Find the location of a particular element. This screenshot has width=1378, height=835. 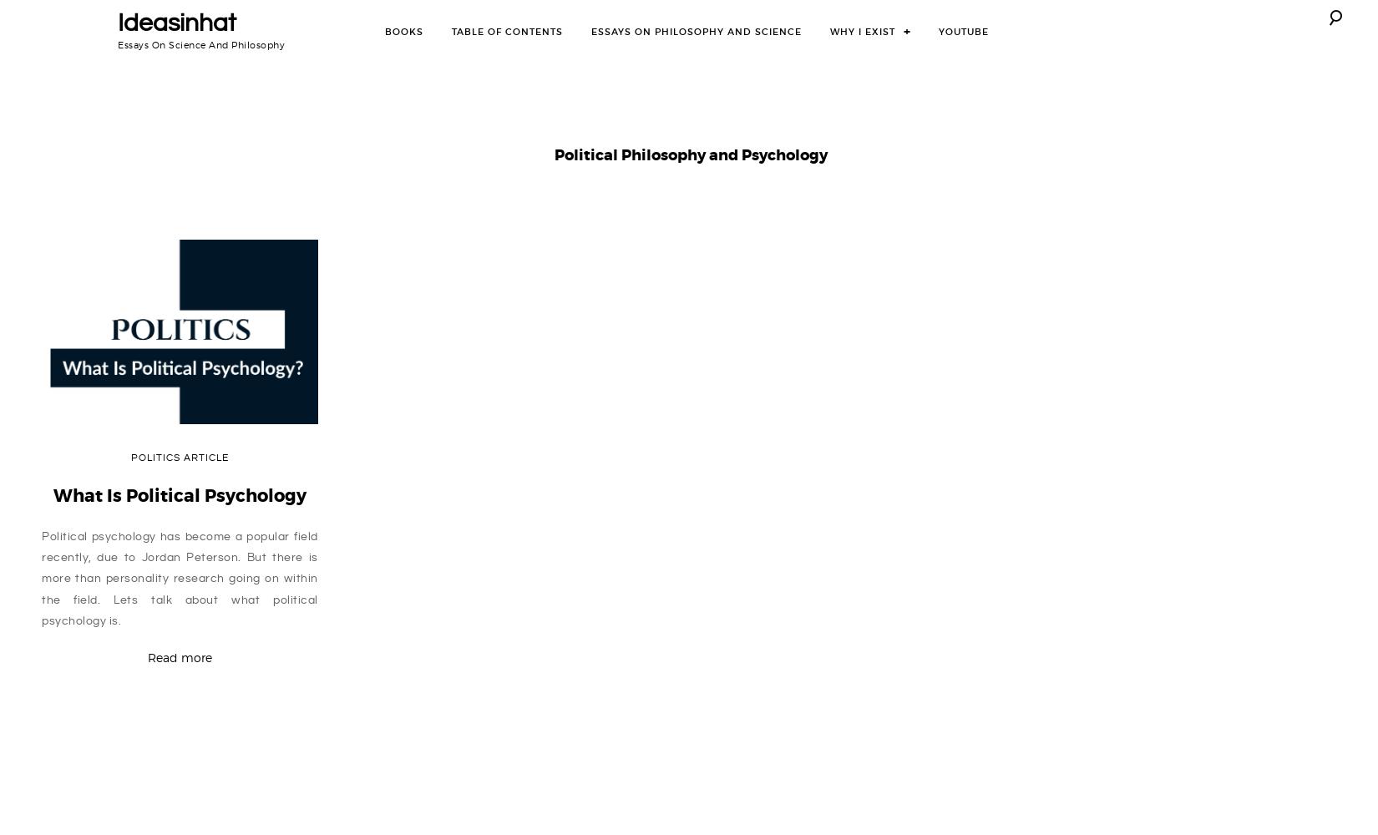

'Political psychology has become a popular field recently, due to Jordan Peterson. But there is more than personality research going on within the field. Lets talk about what political psychology is.' is located at coordinates (41, 578).